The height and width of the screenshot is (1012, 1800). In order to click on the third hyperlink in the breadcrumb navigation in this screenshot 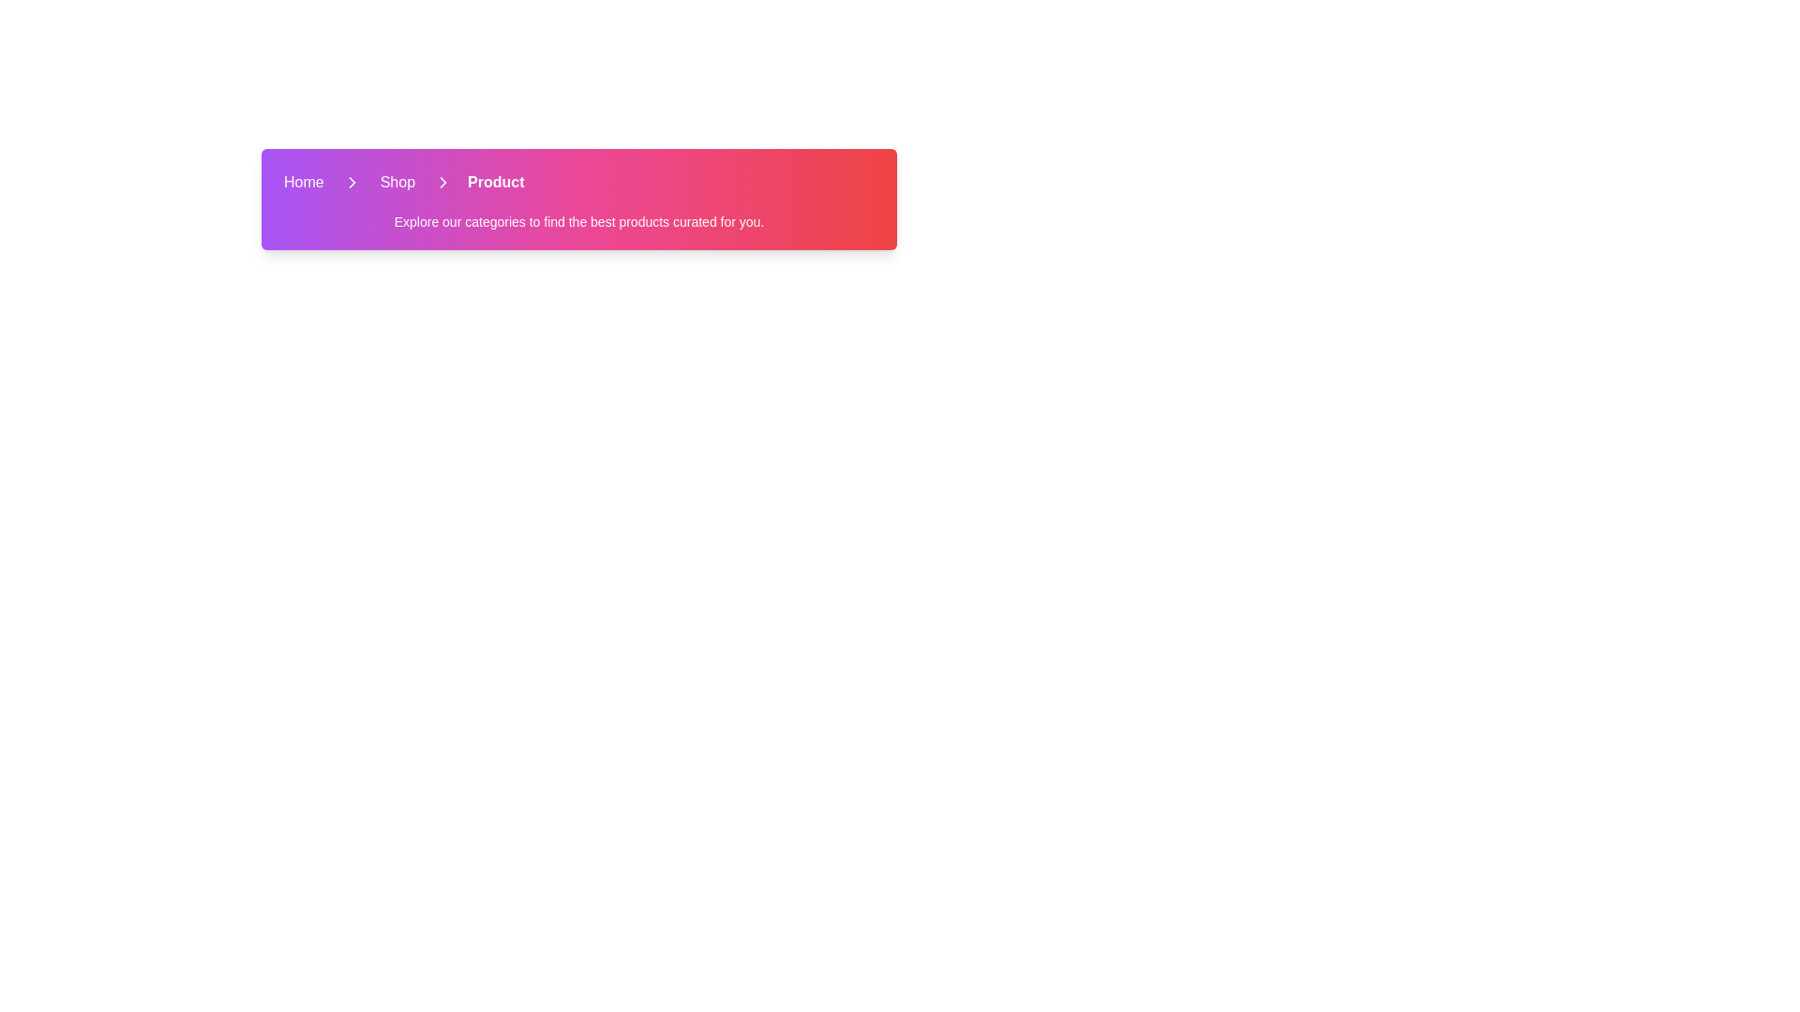, I will do `click(496, 183)`.